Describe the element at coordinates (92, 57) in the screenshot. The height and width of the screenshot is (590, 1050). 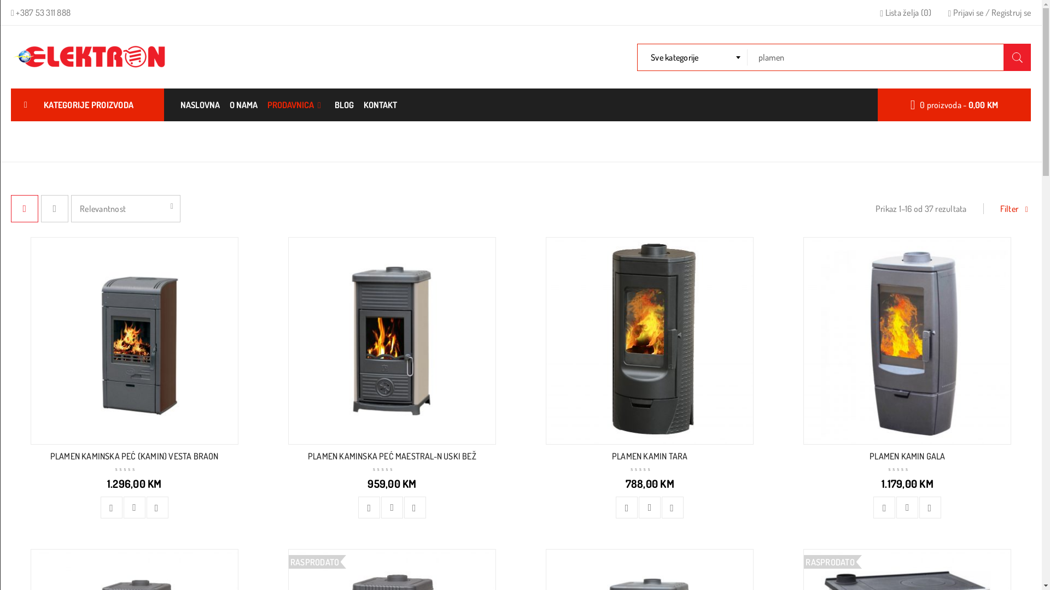
I see `'Elektron Shop'` at that location.